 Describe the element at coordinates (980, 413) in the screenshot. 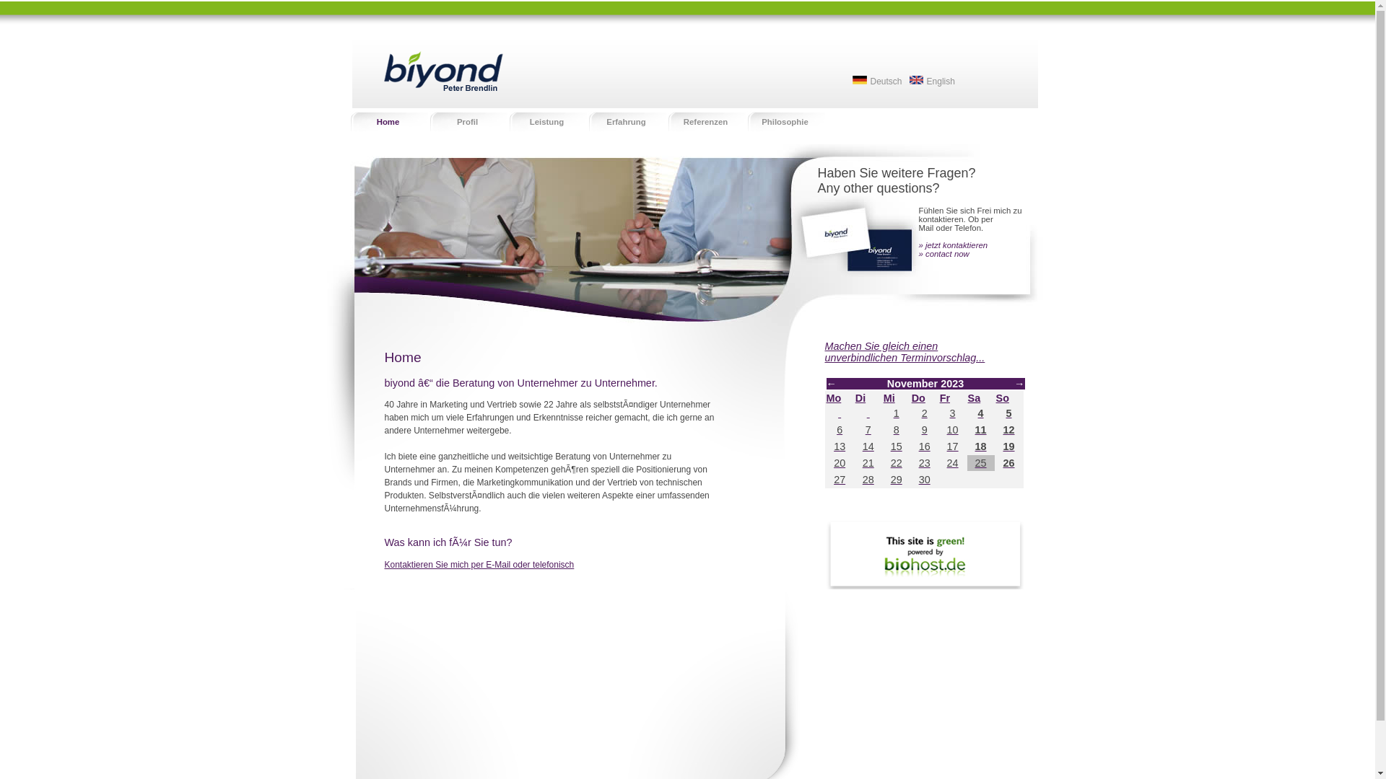

I see `'4'` at that location.